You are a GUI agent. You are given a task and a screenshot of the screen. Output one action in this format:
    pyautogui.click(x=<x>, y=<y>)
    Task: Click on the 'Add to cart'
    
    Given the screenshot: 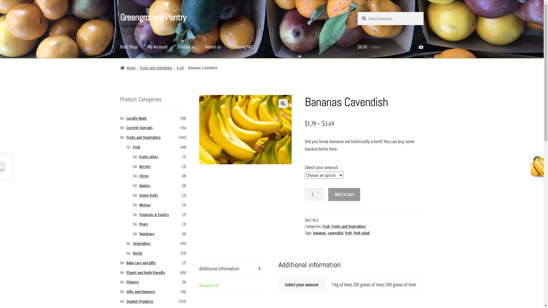 What is the action you would take?
    pyautogui.click(x=344, y=194)
    